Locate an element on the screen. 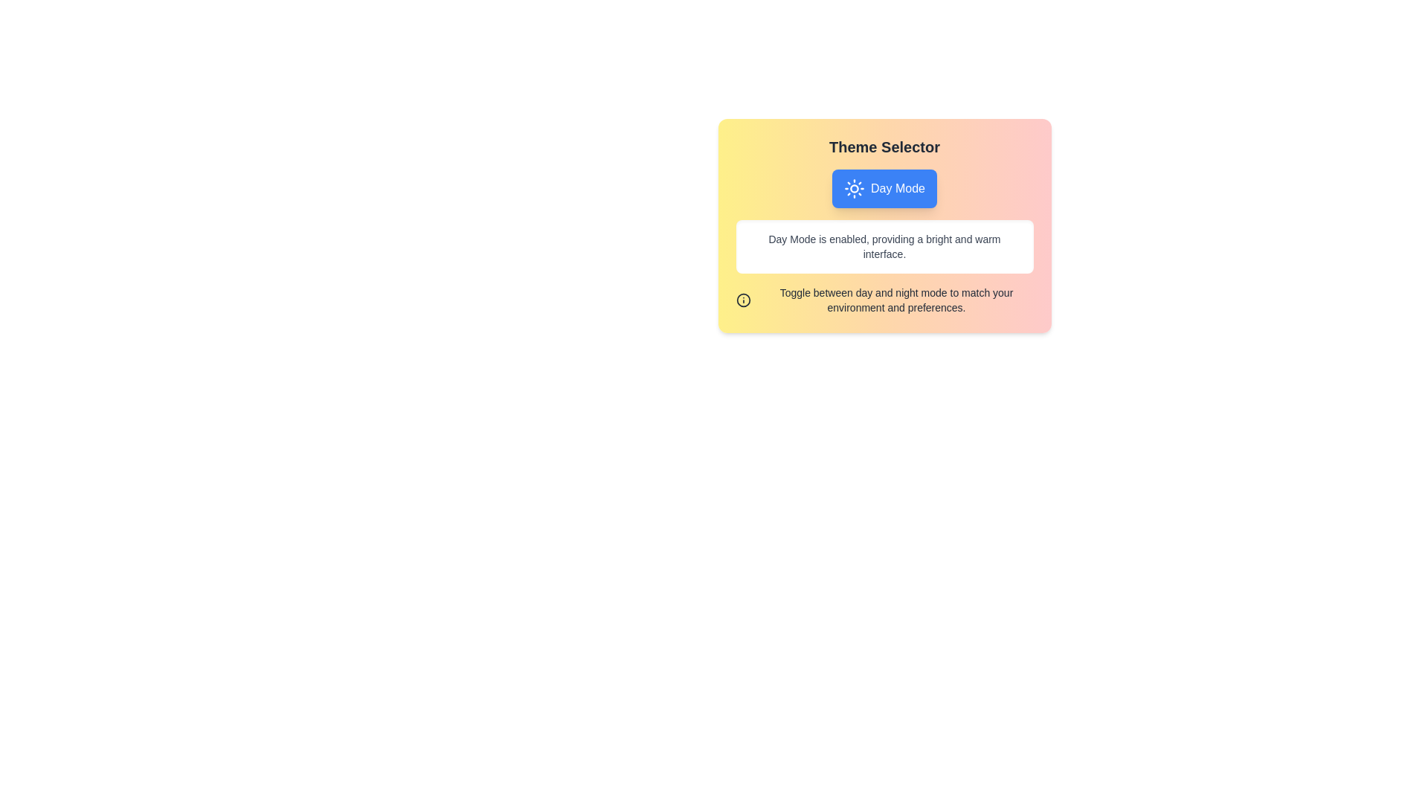  the informational icon to display additional details is located at coordinates (743, 300).